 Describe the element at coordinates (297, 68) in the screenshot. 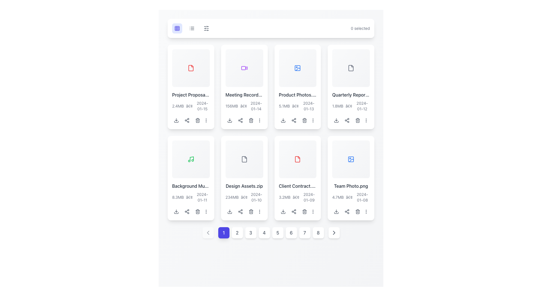

I see `the image icon located in the third card of the first row in the file card grid layout, which visually represents an image file type` at that location.